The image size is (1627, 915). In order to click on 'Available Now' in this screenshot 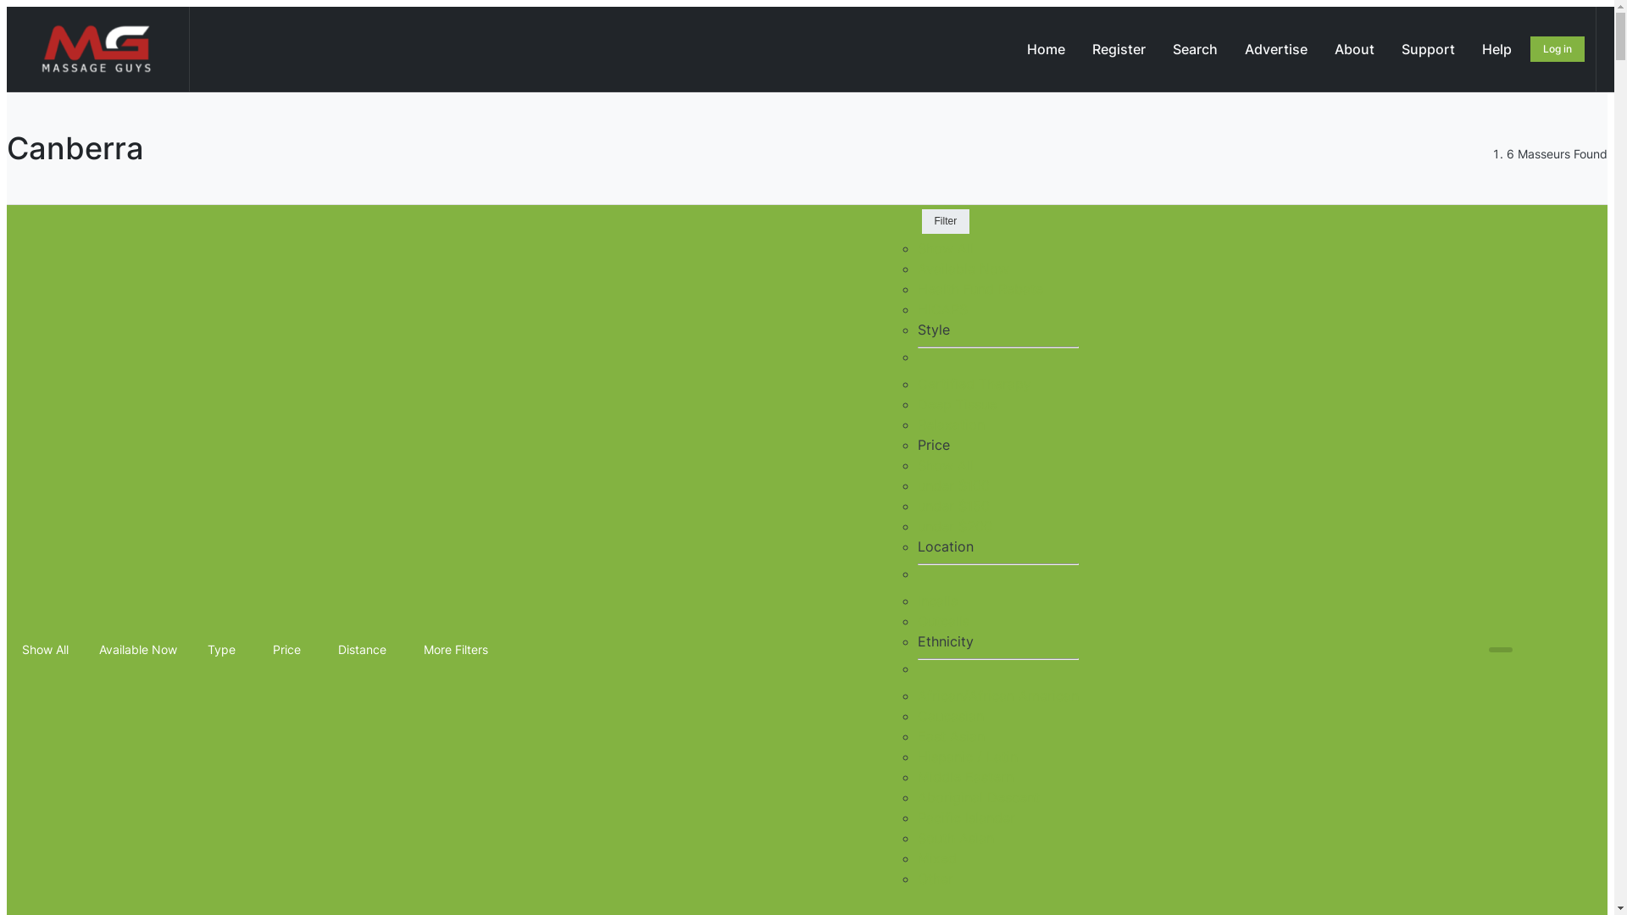, I will do `click(138, 649)`.